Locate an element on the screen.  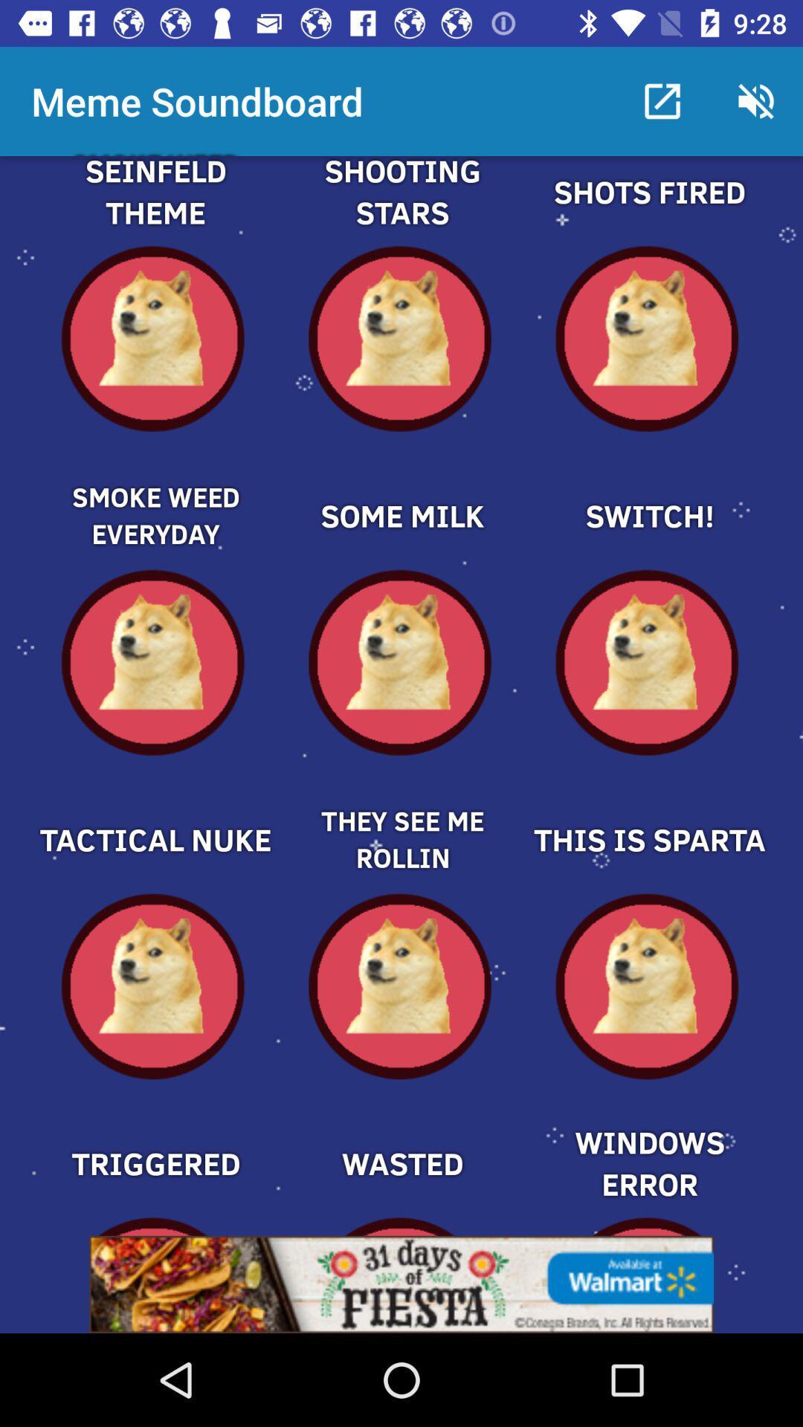
shooting stars is located at coordinates (401, 209).